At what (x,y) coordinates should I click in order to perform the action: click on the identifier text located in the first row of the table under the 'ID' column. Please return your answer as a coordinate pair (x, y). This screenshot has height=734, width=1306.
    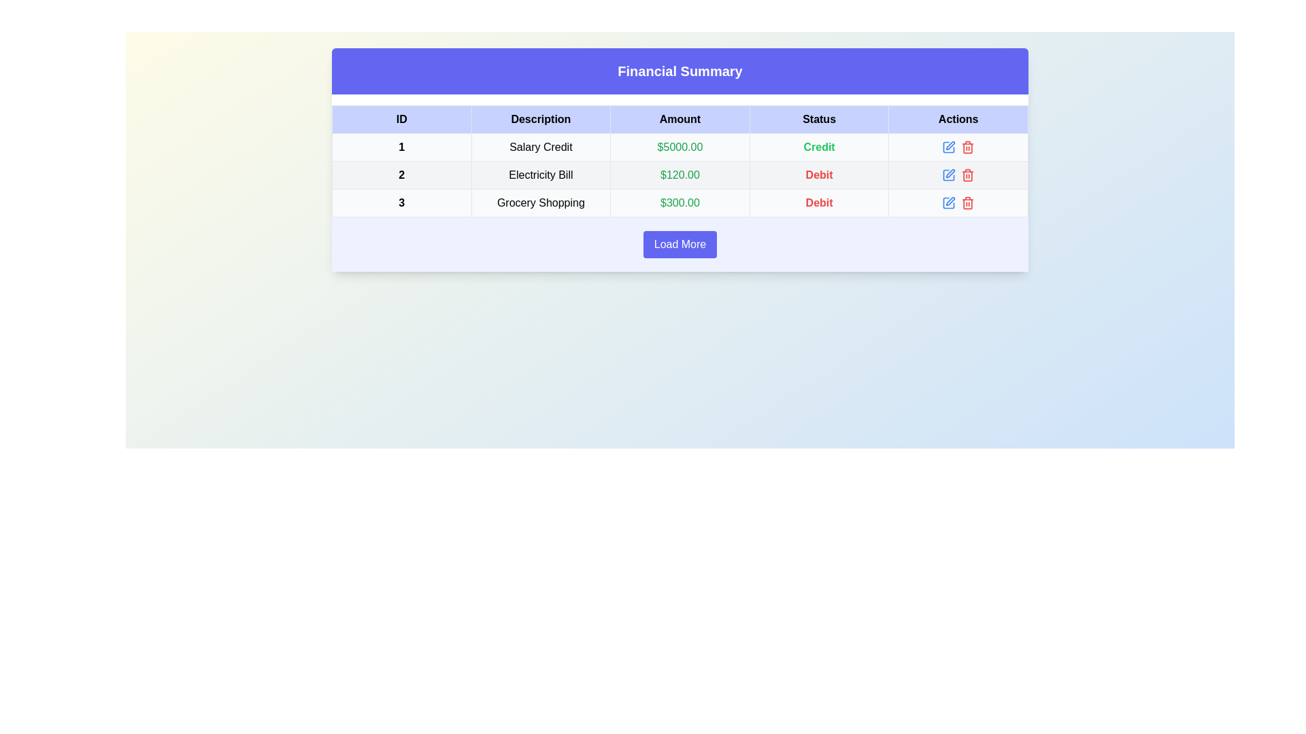
    Looking at the image, I should click on (401, 147).